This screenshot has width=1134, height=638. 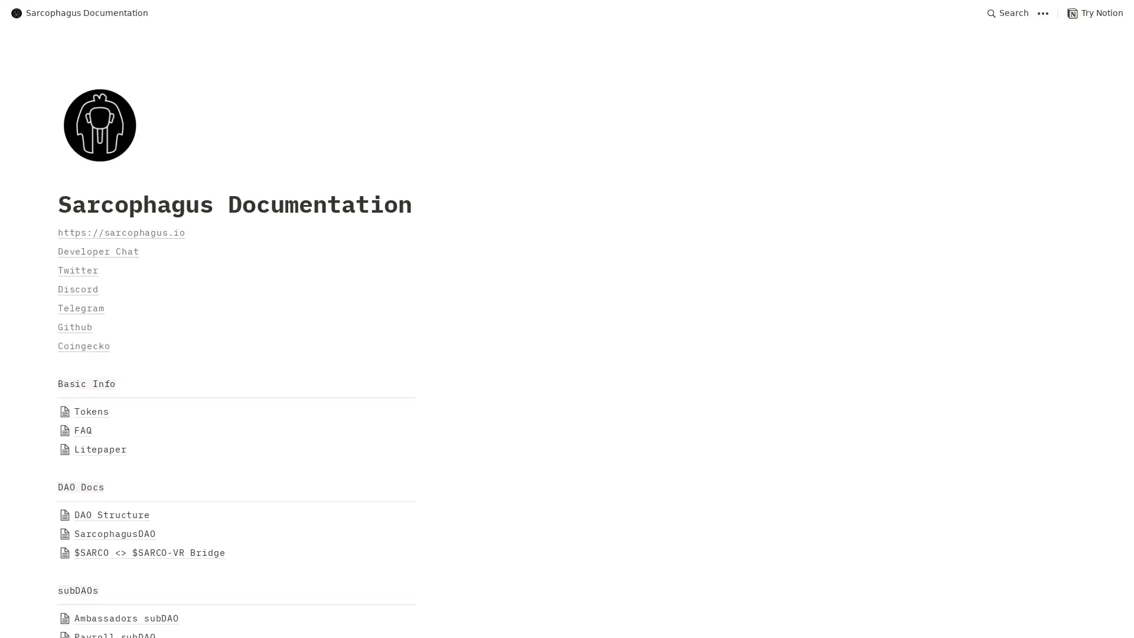 I want to click on Ambassadors subDAO, so click(x=567, y=617).